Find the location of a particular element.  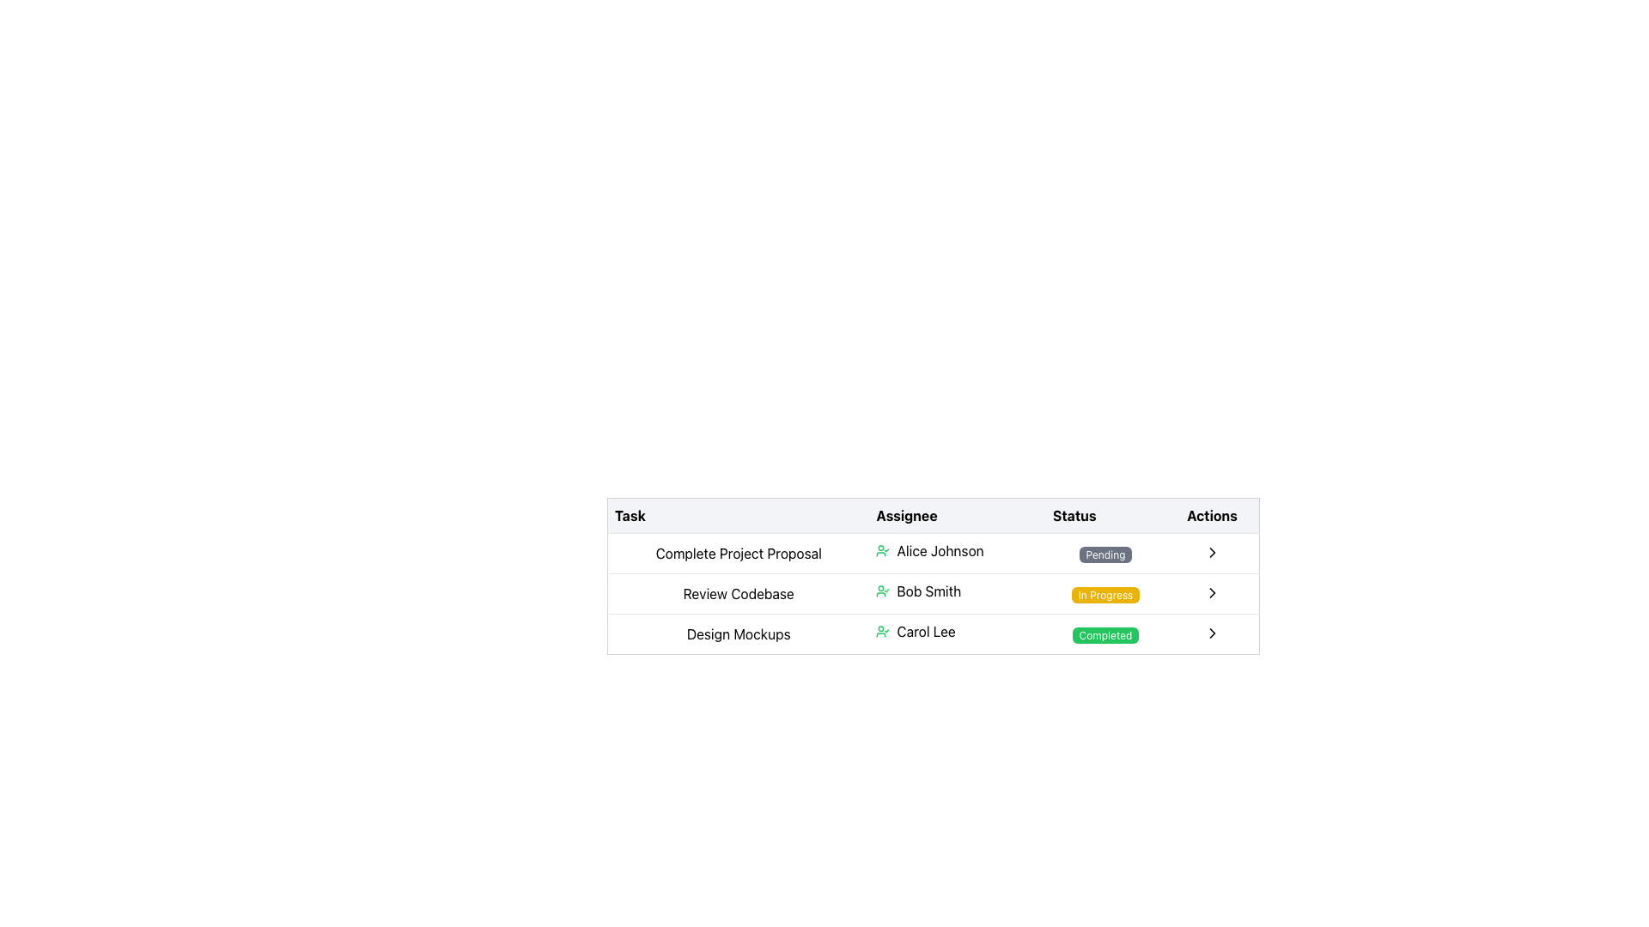

the compact, circular button with a rightward chevron arrow in the 'Actions' column corresponding to the task assigned to 'Bob Smith' is located at coordinates (1211, 591).